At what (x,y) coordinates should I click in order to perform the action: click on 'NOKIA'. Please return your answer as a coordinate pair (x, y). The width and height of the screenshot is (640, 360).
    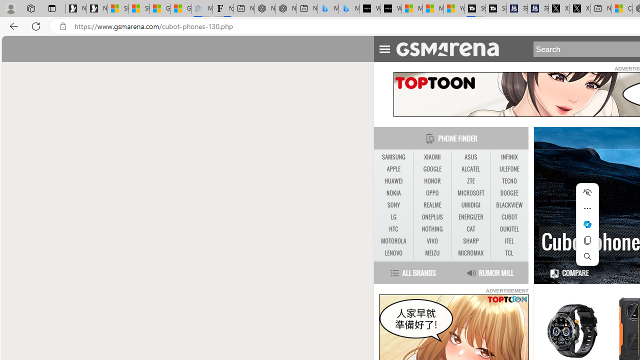
    Looking at the image, I should click on (393, 193).